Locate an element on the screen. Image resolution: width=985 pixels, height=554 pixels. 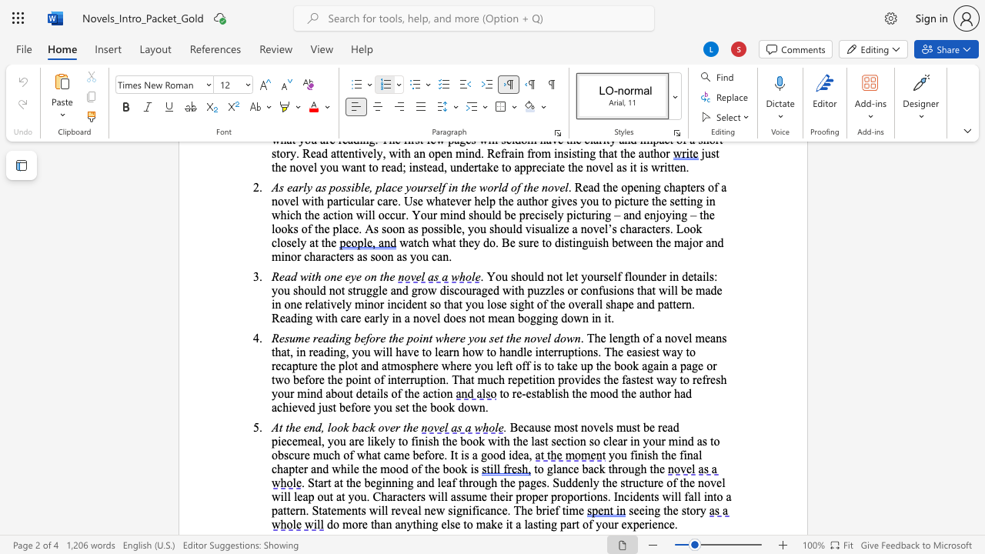
the 5th character "e" in the text is located at coordinates (382, 337).